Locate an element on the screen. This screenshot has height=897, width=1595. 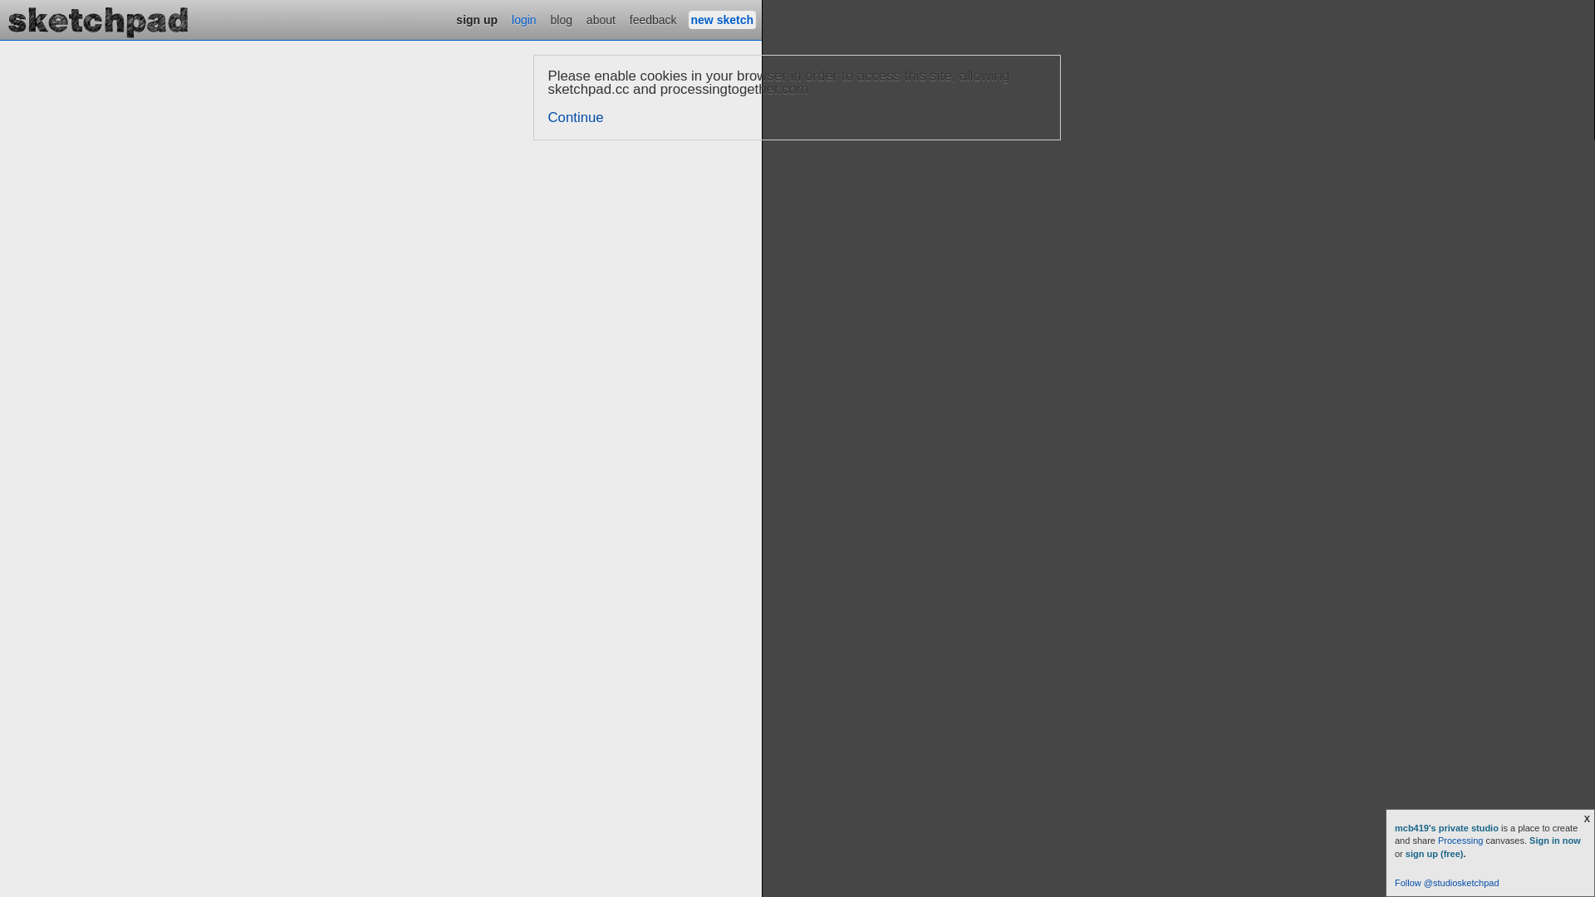
'login' is located at coordinates (523, 19).